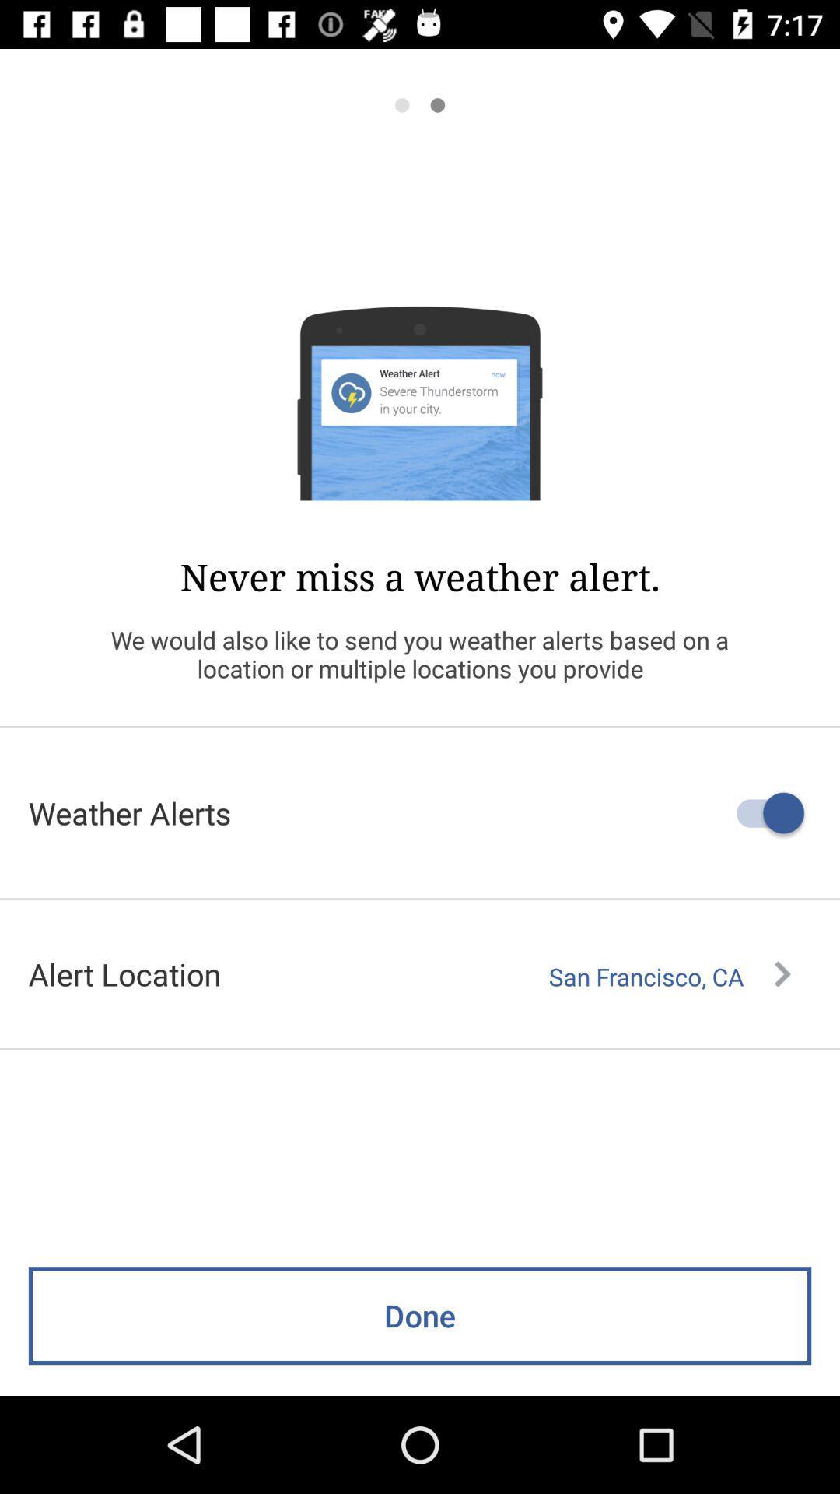 This screenshot has height=1494, width=840. What do you see at coordinates (669, 976) in the screenshot?
I see `san francisco, ca` at bounding box center [669, 976].